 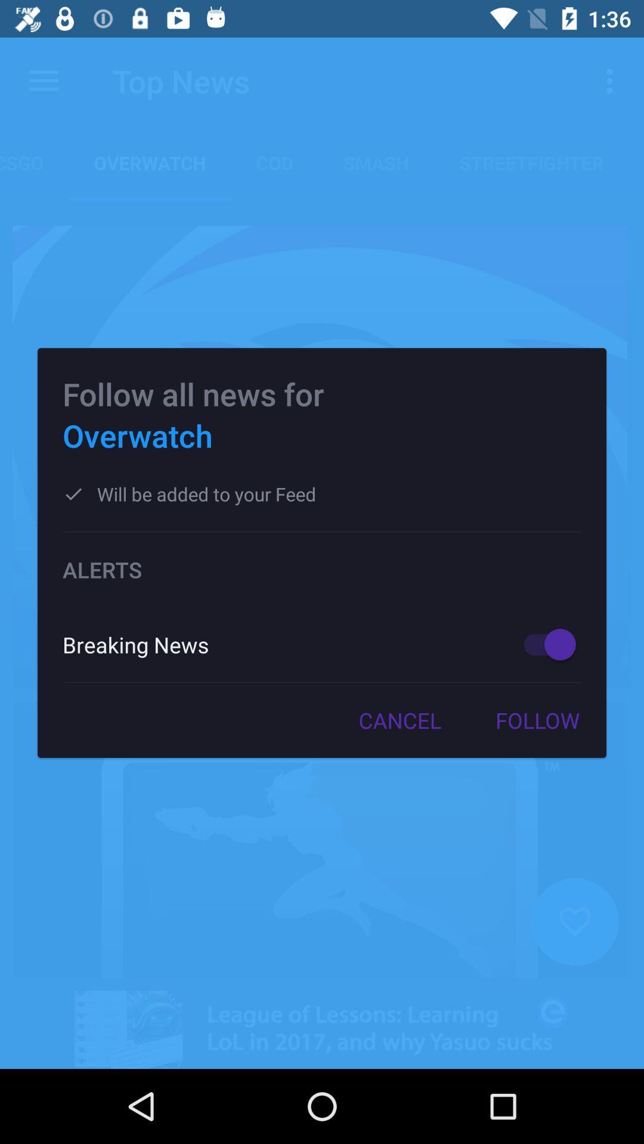 What do you see at coordinates (544, 643) in the screenshot?
I see `subscription option` at bounding box center [544, 643].